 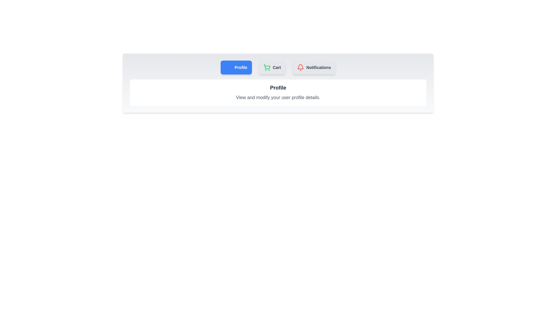 I want to click on the Notifications tab by clicking its button, so click(x=314, y=67).